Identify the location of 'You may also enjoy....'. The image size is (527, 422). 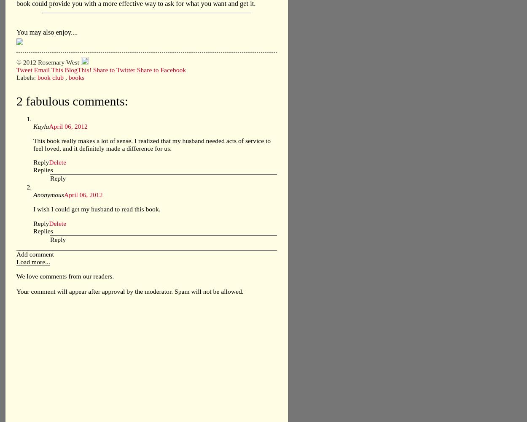
(46, 32).